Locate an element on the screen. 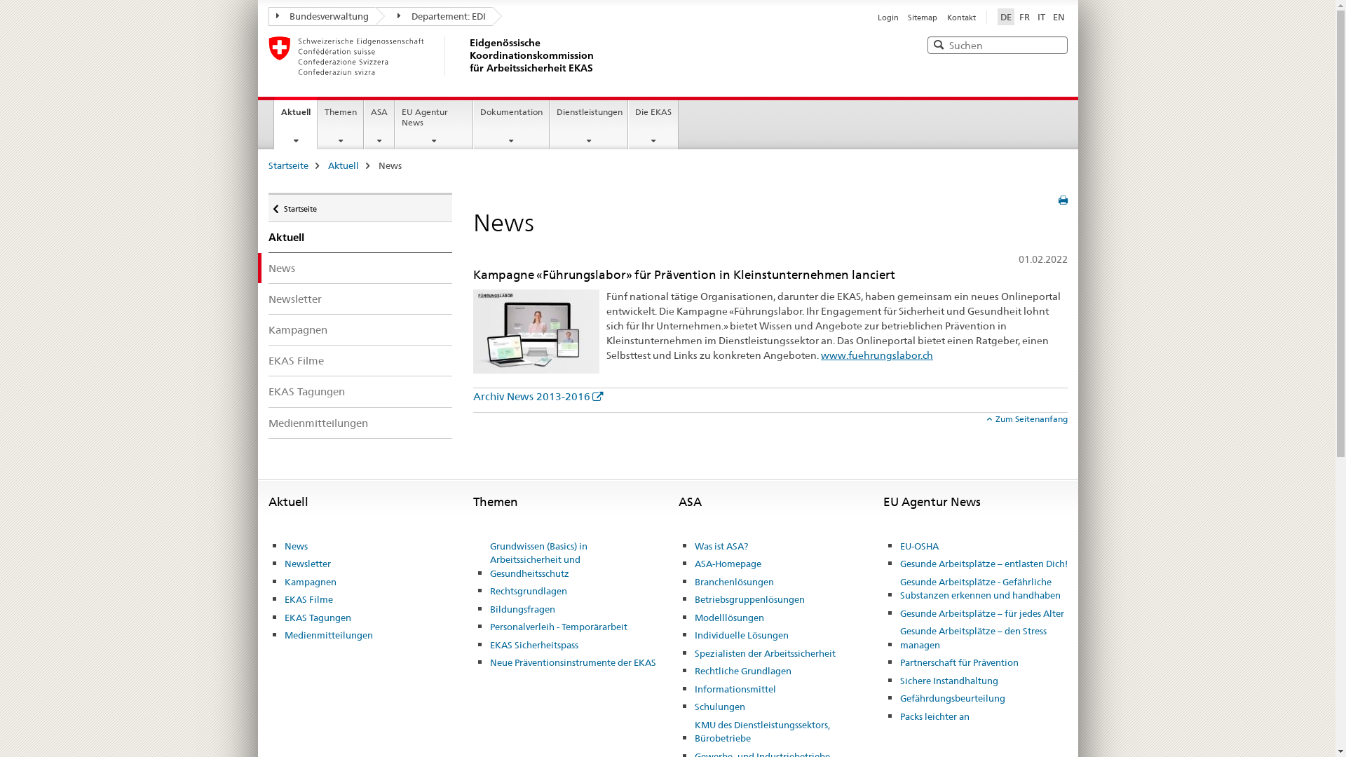  'Schulungen' is located at coordinates (720, 707).